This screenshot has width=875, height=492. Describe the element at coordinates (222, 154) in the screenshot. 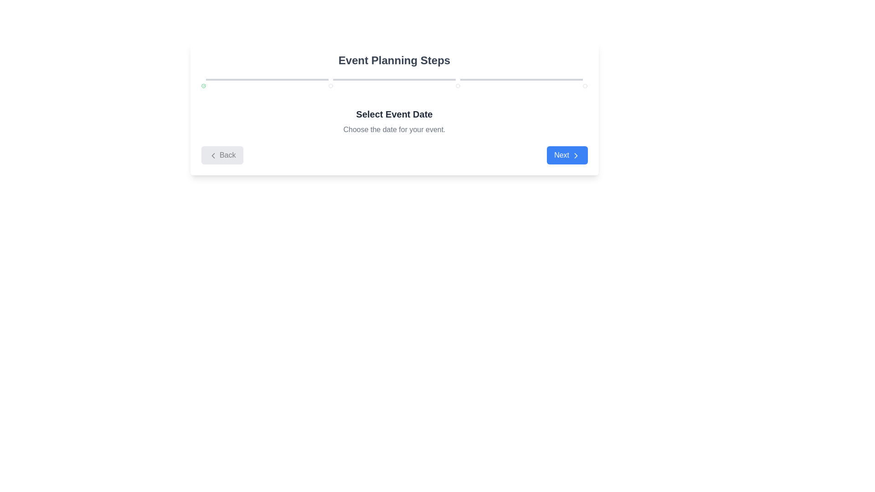

I see `the 'Back' button, which has a light gray background and a left-pointing chevron icon` at that location.